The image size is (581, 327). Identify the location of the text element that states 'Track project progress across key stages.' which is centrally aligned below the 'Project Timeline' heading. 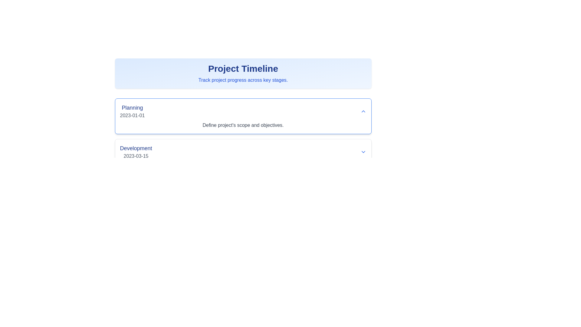
(243, 80).